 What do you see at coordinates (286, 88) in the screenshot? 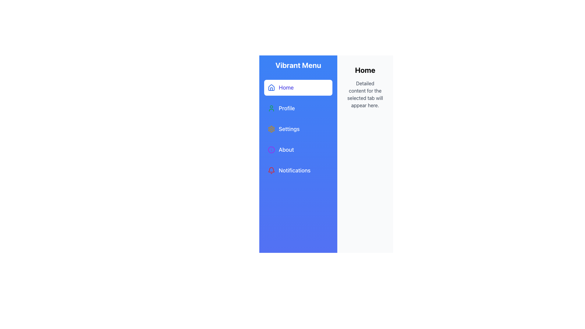
I see `the 'Home' text label in the vertical navigation menu, which indicates the current selection and is aligned to the right of the house icon` at bounding box center [286, 88].